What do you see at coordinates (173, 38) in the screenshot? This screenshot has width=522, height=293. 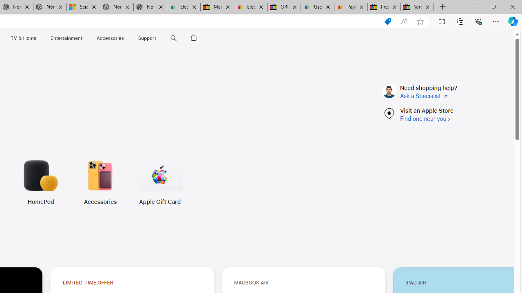 I see `'Search apple.com'` at bounding box center [173, 38].